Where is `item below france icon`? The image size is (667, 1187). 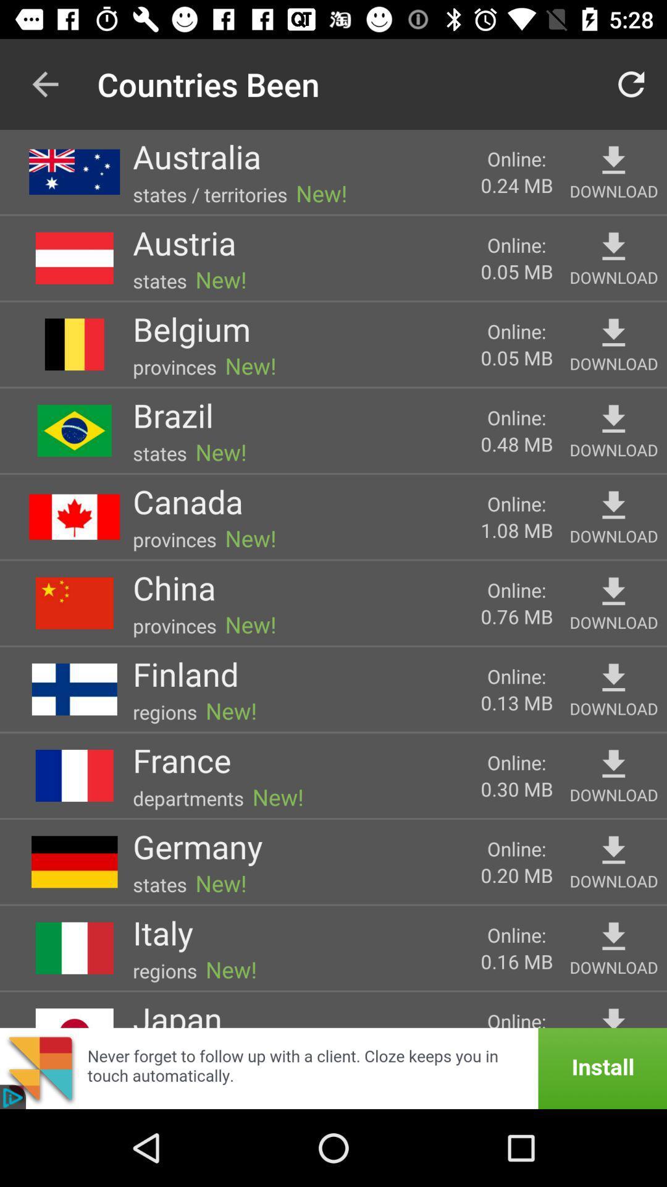
item below france icon is located at coordinates (188, 798).